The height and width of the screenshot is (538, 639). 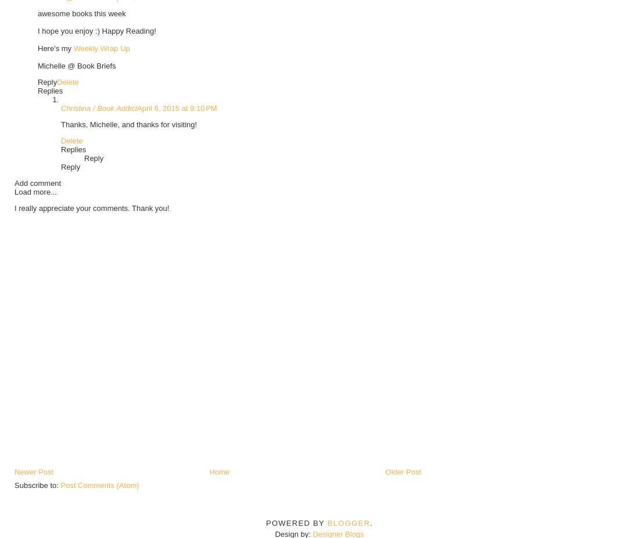 What do you see at coordinates (176, 107) in the screenshot?
I see `'April 6, 2015 at 9:10 PM'` at bounding box center [176, 107].